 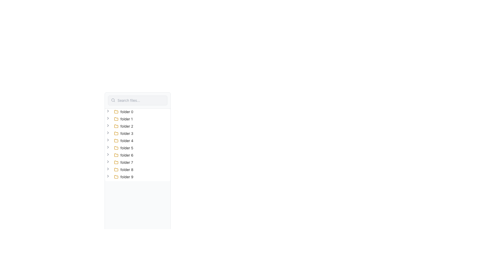 What do you see at coordinates (107, 155) in the screenshot?
I see `the button adjacent to the text label 'folder 6' in the left sidebar tree structure` at bounding box center [107, 155].